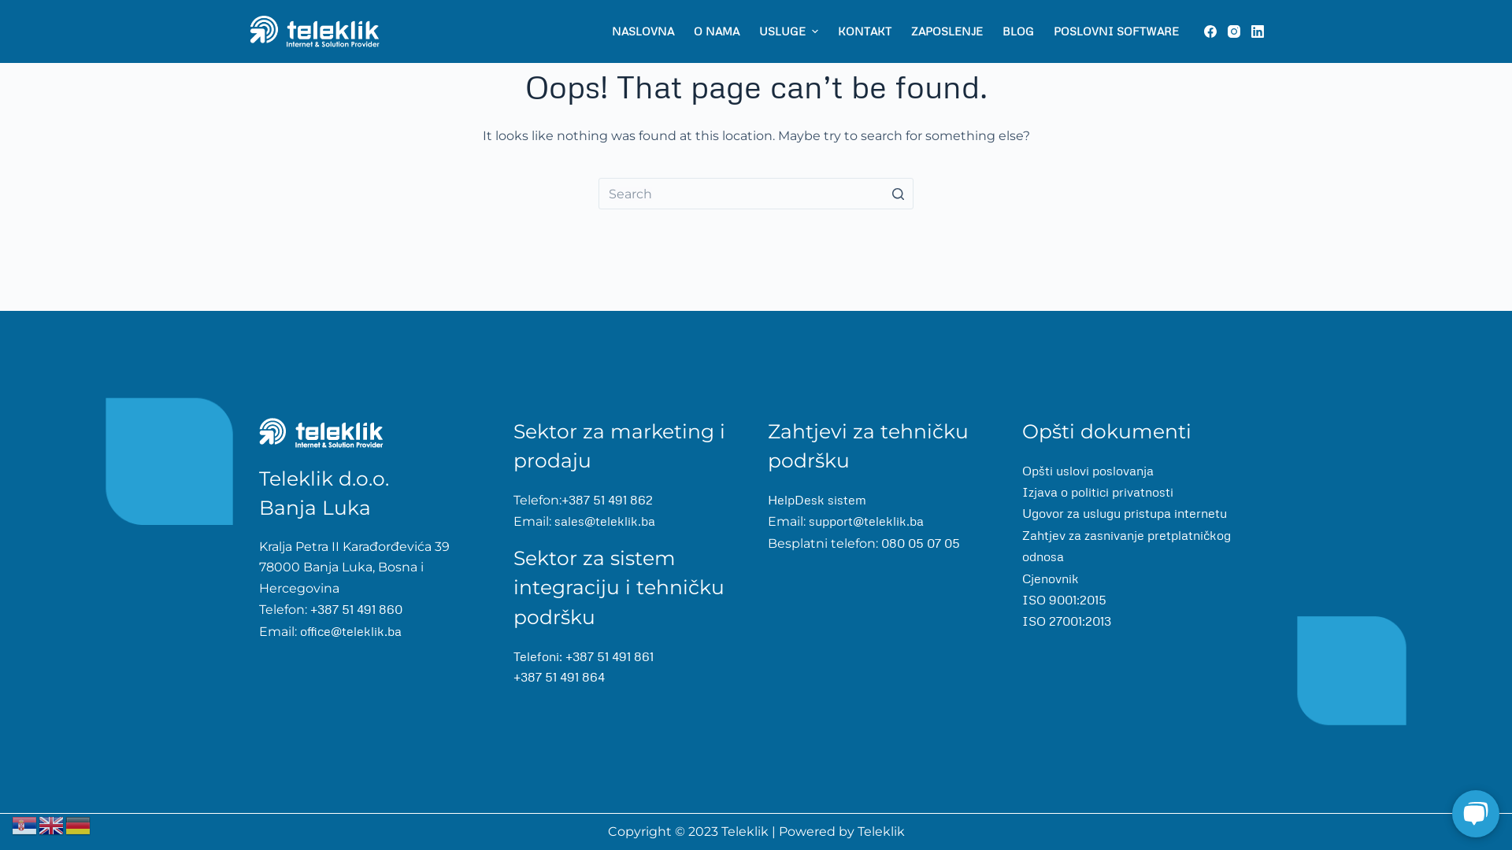 Image resolution: width=1512 pixels, height=850 pixels. Describe the element at coordinates (78, 822) in the screenshot. I see `'German'` at that location.